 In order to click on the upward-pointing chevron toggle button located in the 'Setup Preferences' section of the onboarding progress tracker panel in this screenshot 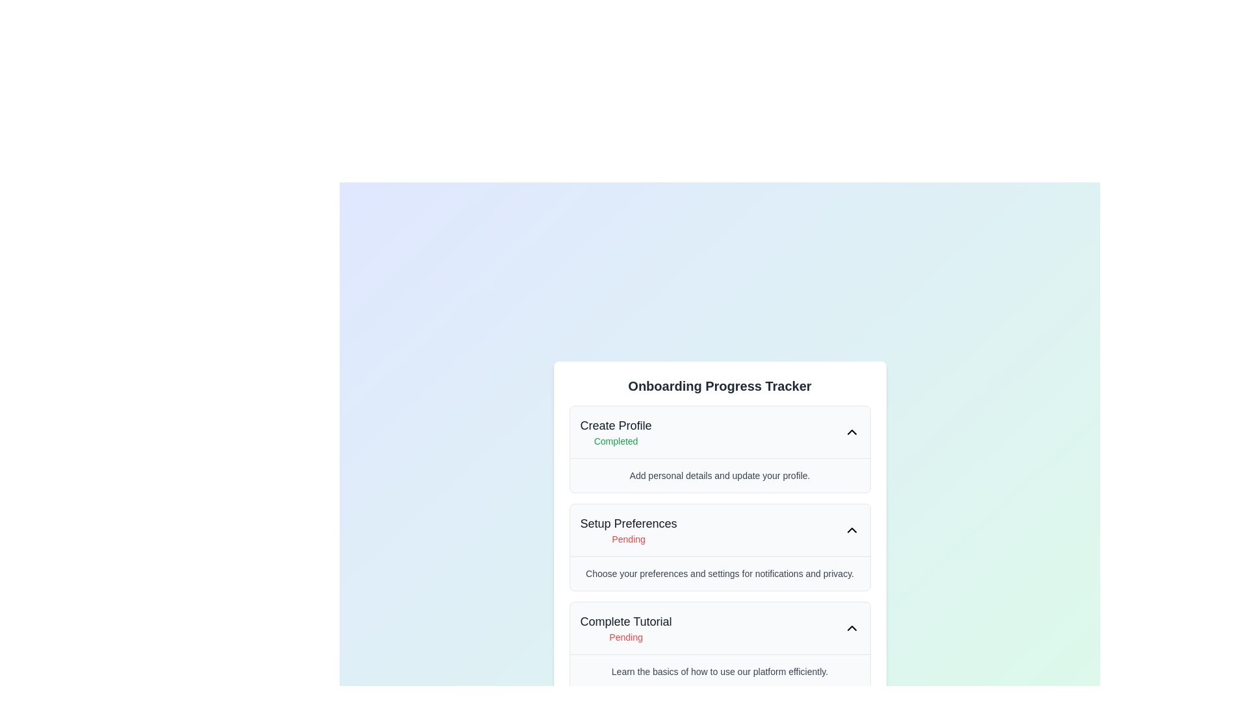, I will do `click(851, 530)`.